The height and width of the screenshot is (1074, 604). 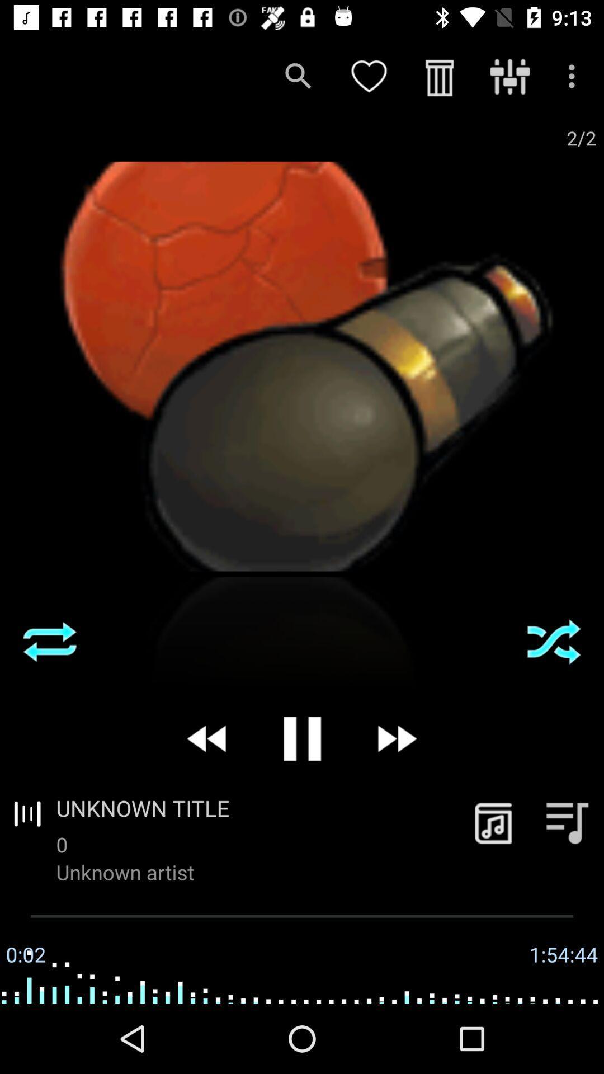 I want to click on the item on the left, so click(x=49, y=642).